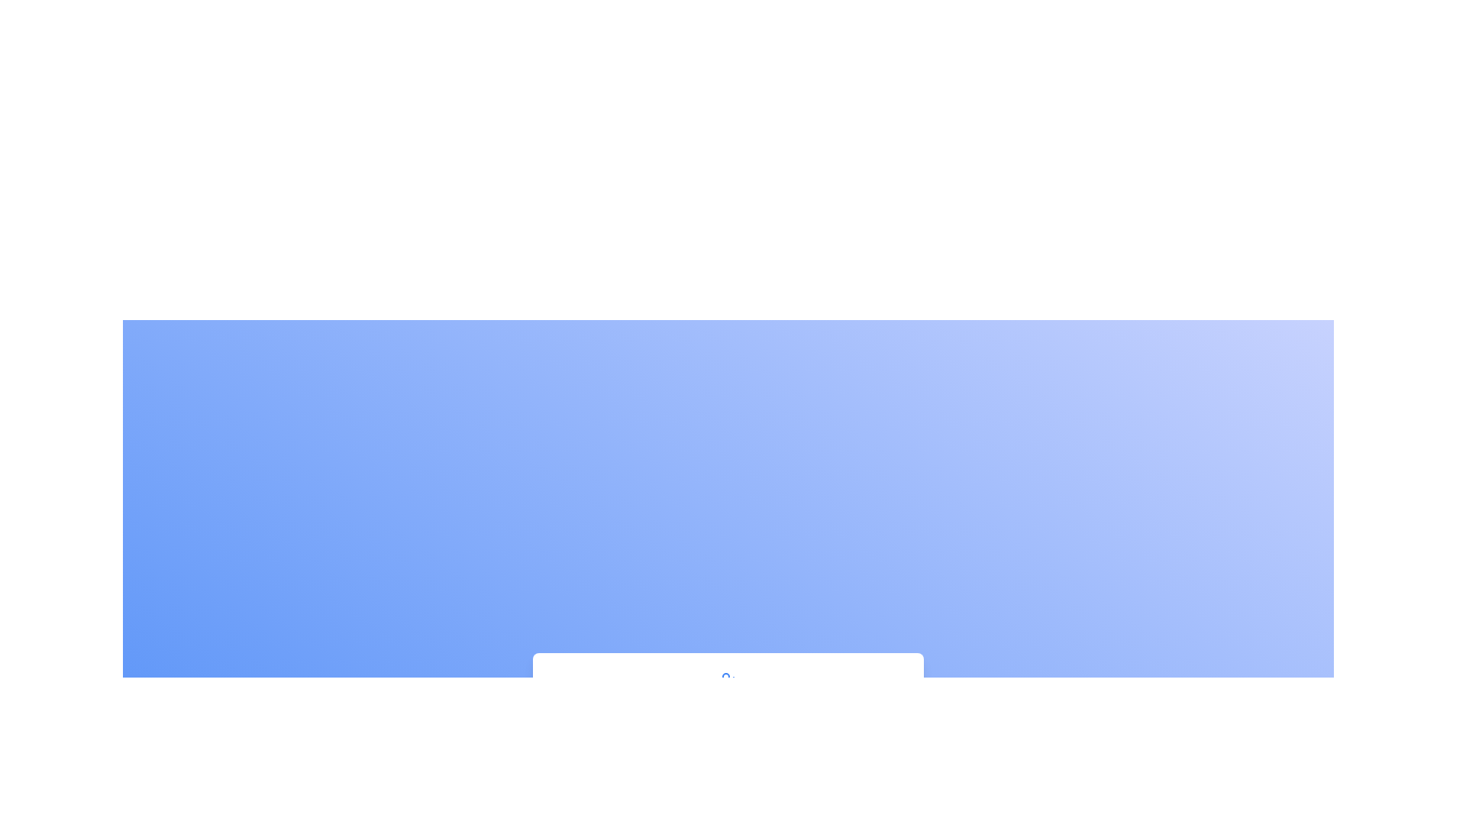  What do you see at coordinates (728, 680) in the screenshot?
I see `the decorative icon within the white card that indicates actions related to adding or managing user profiles, located near the top of the content area above the 'Welcome' and 'Get started by adding your profile information' text` at bounding box center [728, 680].